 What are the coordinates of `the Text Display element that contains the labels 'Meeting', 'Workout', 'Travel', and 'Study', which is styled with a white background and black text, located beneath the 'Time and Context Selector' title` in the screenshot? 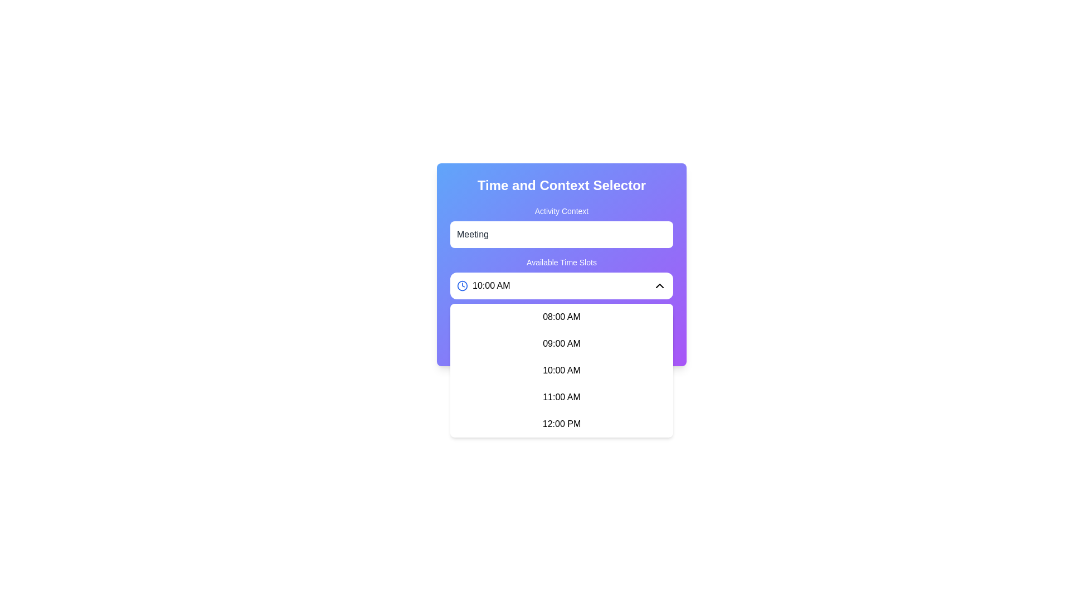 It's located at (562, 226).